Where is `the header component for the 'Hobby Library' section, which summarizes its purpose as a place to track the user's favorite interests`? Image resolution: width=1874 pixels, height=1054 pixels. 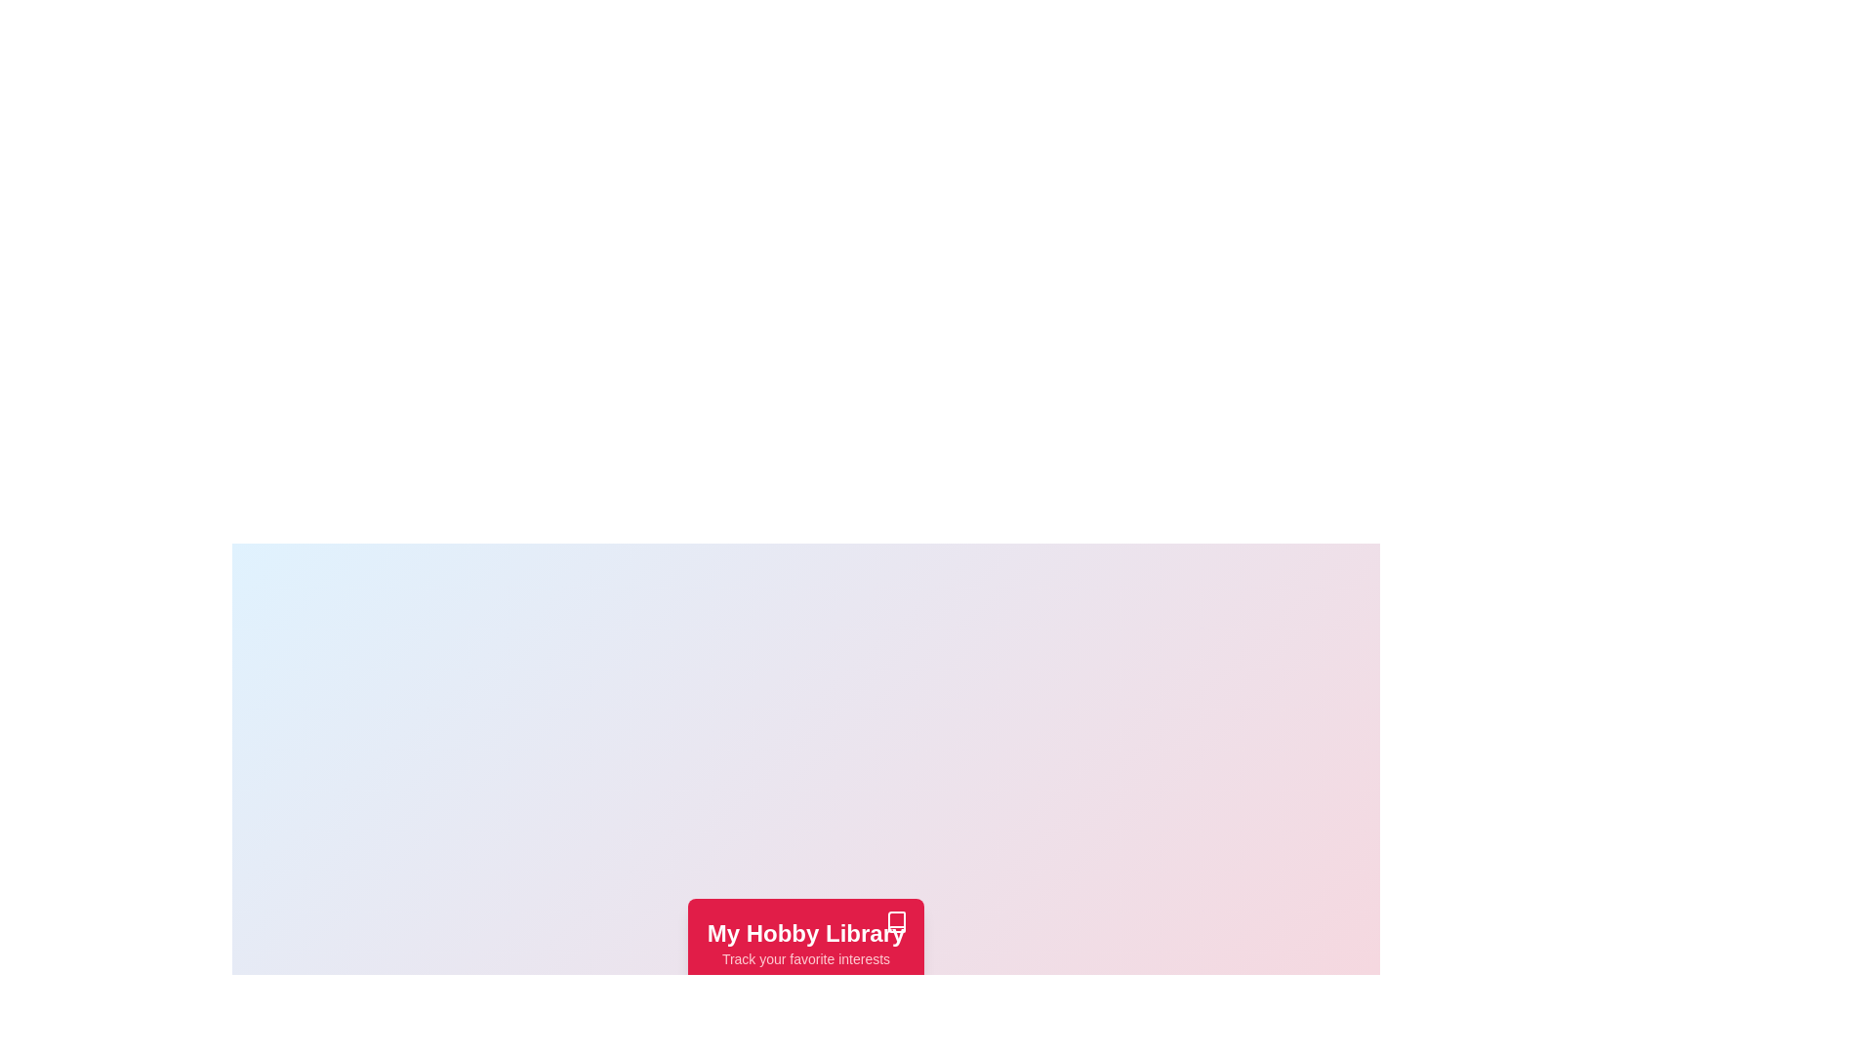
the header component for the 'Hobby Library' section, which summarizes its purpose as a place to track the user's favorite interests is located at coordinates (805, 943).